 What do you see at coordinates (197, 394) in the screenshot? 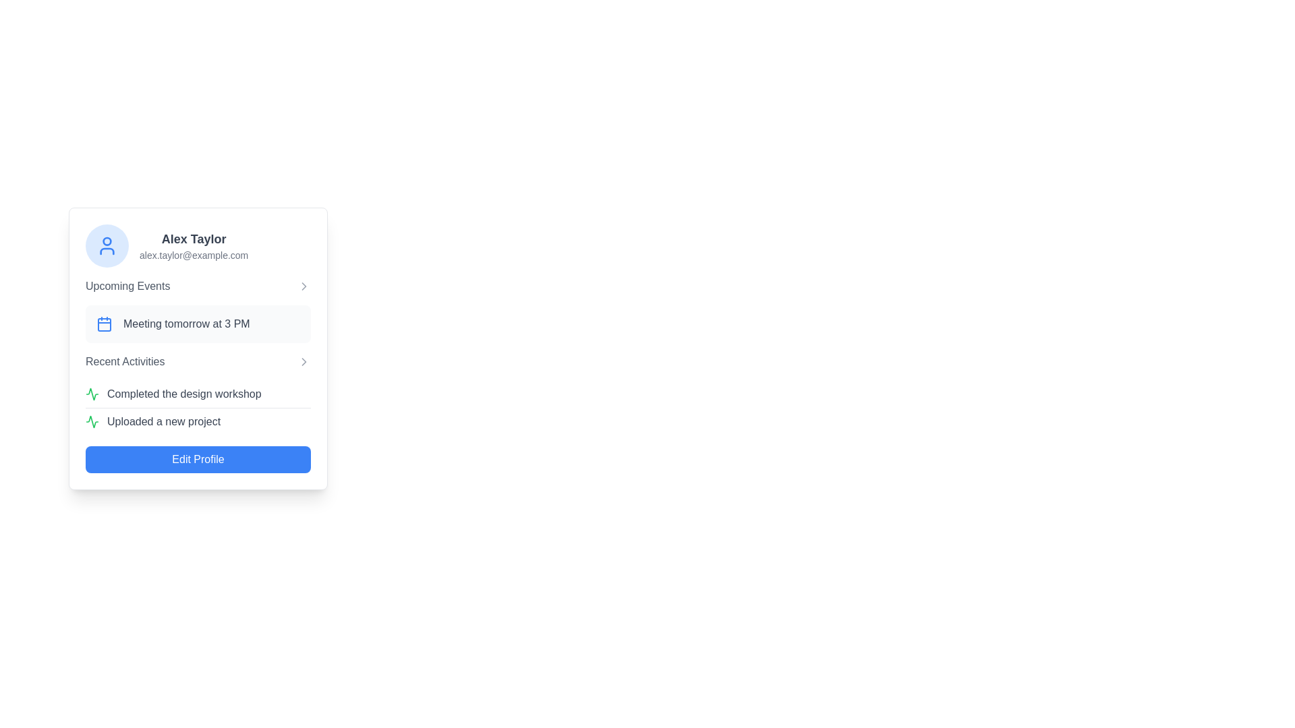
I see `the Activity Feed or List, which displays recent activities or updates related to the user, positioned beneath the 'Upcoming Events' section and above the 'Edit Profile' button` at bounding box center [197, 394].